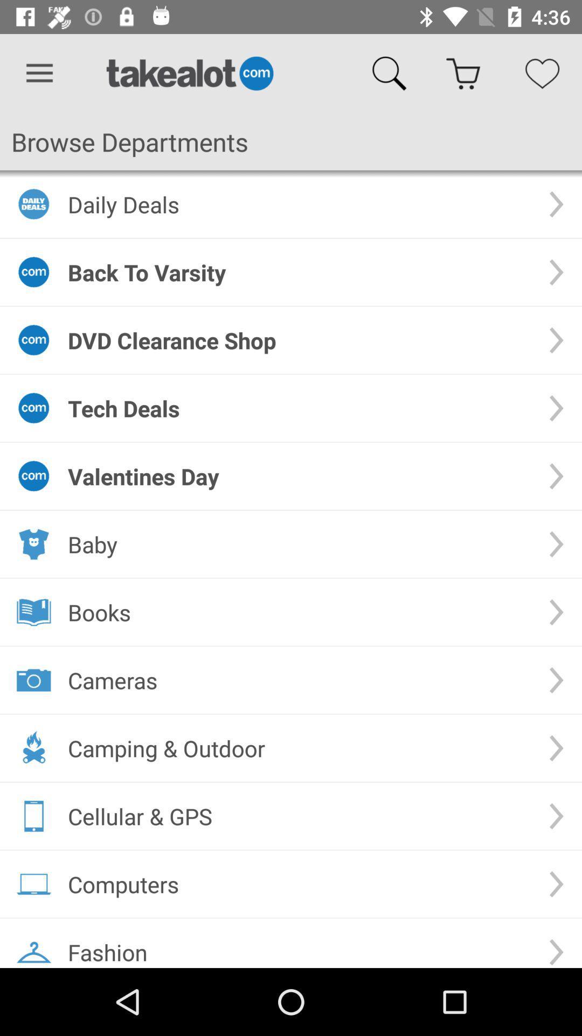  What do you see at coordinates (299, 884) in the screenshot?
I see `icon above fashion` at bounding box center [299, 884].